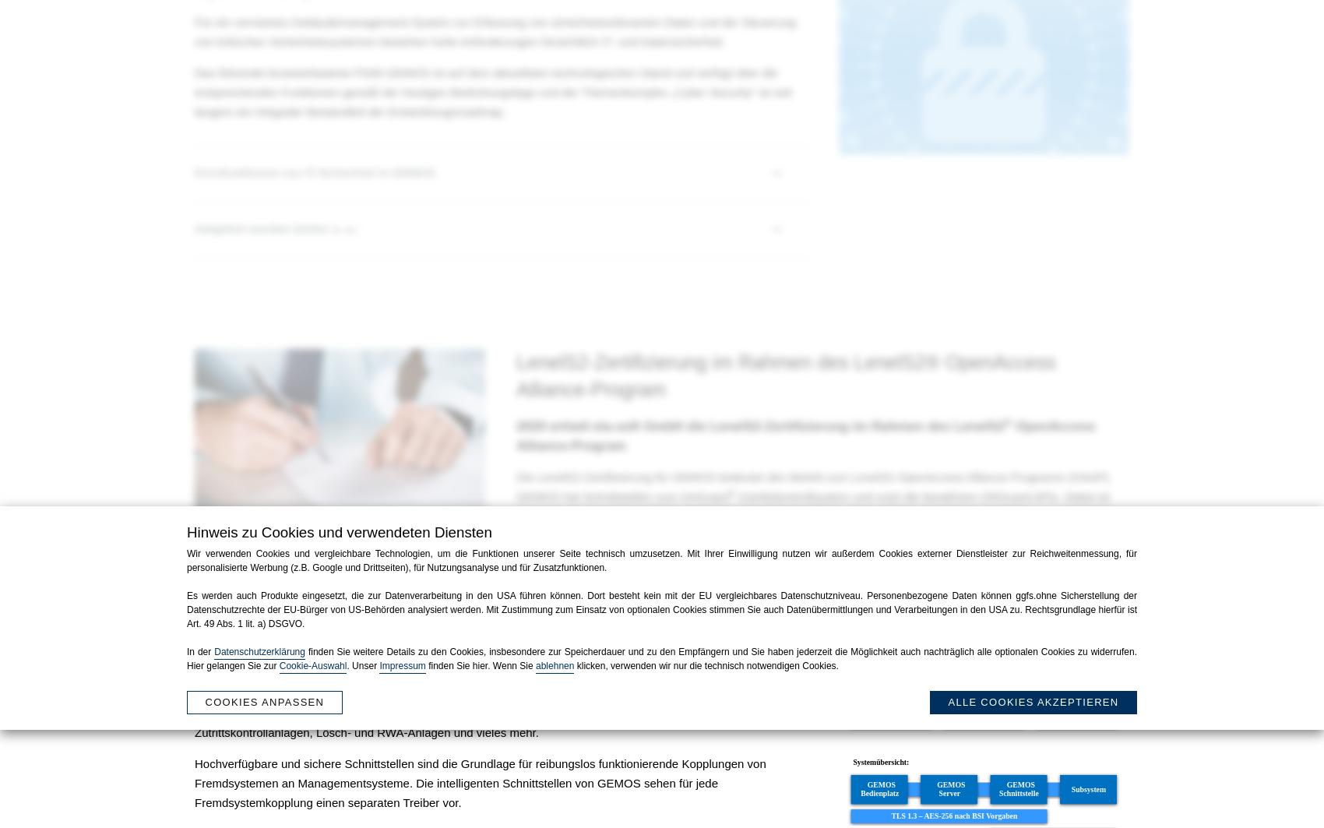  What do you see at coordinates (812, 484) in the screenshot?
I see `'Die LenelS2-Zertifizierung für GEMOS bedeutet den Beitritt zum LenelS2 OpenAccess Alliance Programm (OAAP). GEMOS hat Schnittstellen zum OnGuard'` at bounding box center [812, 484].